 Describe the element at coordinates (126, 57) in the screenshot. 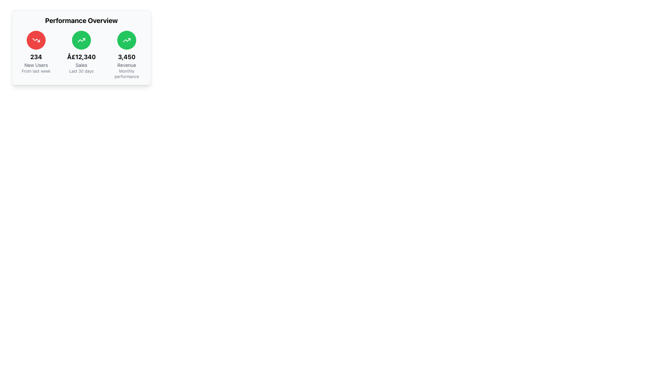

I see `the Static Text Display that shows a numerical value for revenue in the performance analytics dashboard, located in the third column below a green circular icon with an upward trending arrow` at that location.